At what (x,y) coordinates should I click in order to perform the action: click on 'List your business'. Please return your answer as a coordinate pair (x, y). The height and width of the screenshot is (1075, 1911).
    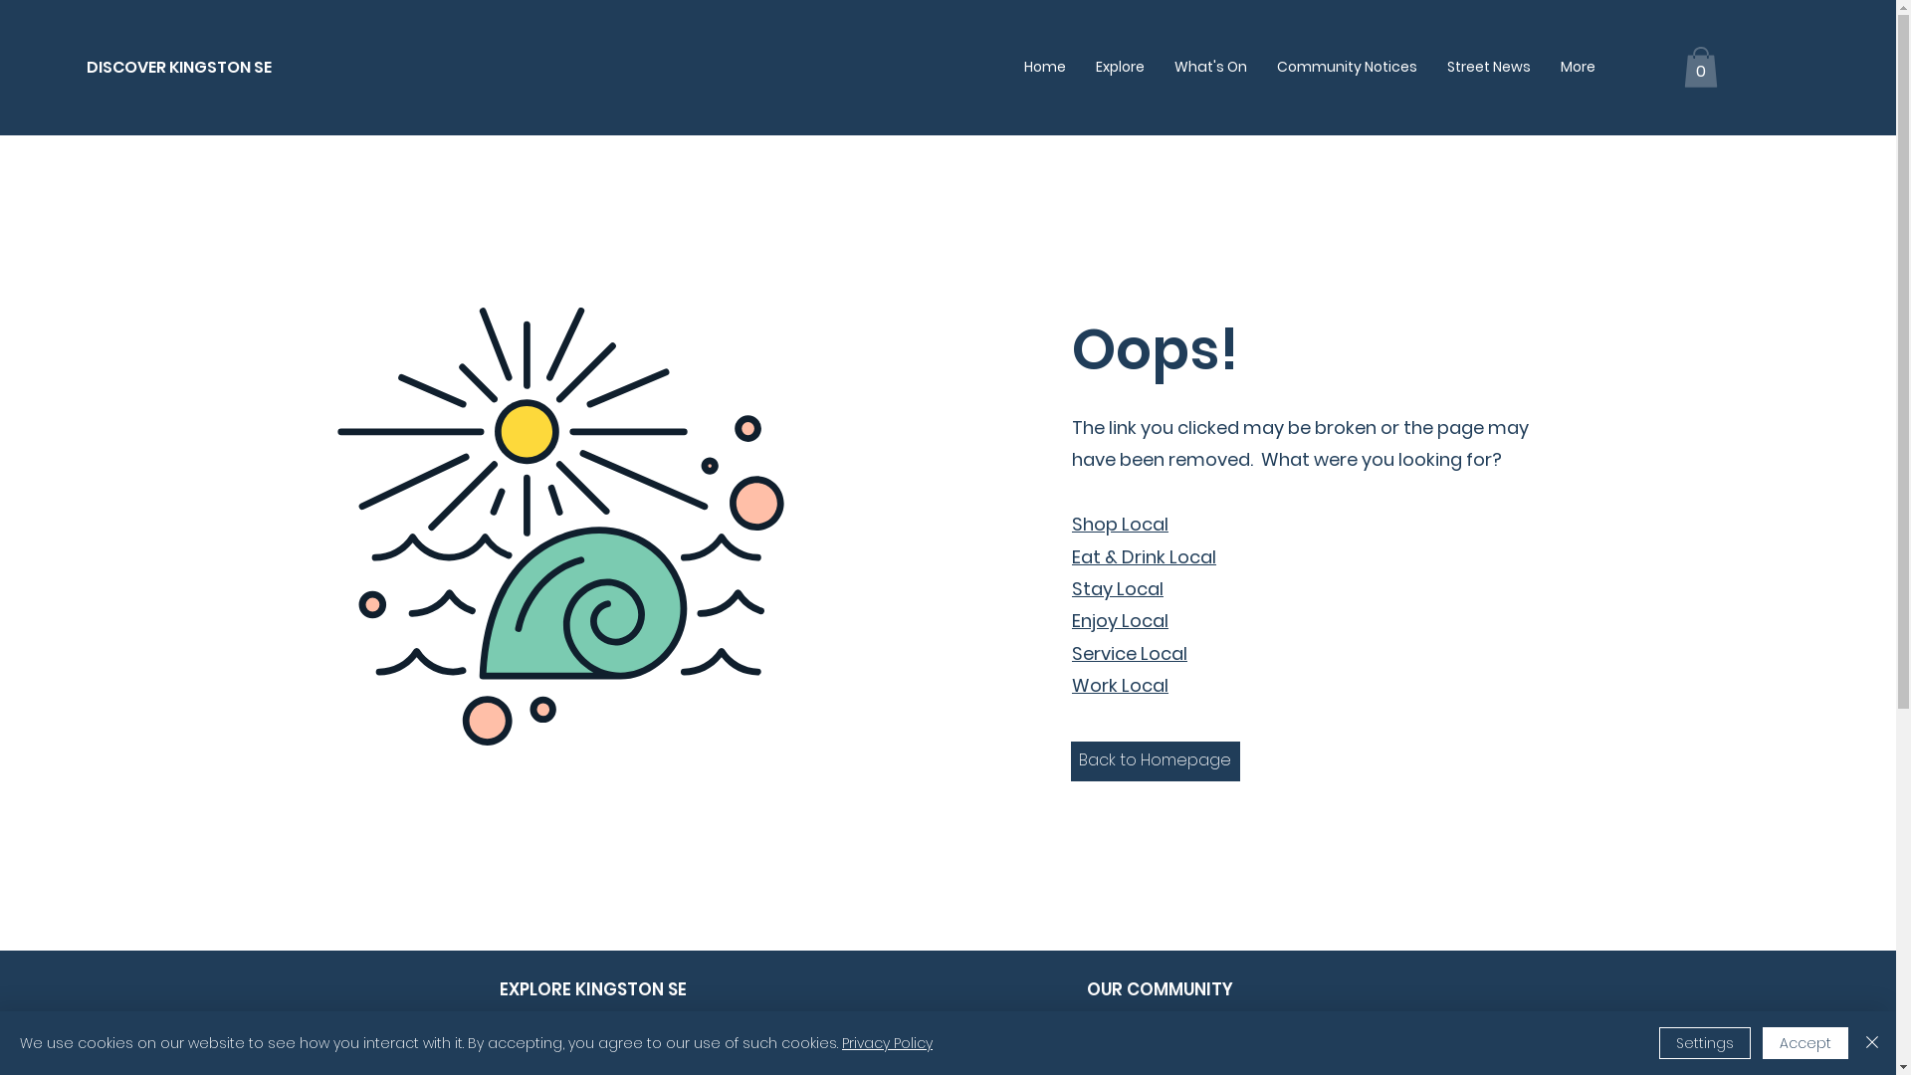
    Looking at the image, I should click on (1205, 1046).